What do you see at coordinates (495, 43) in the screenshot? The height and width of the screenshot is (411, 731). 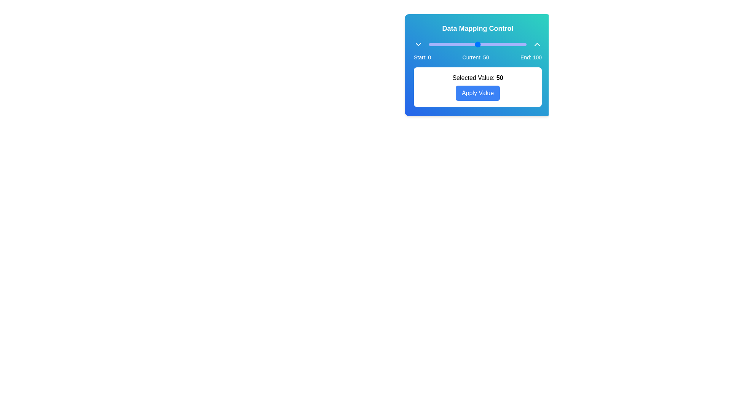 I see `slider value` at bounding box center [495, 43].